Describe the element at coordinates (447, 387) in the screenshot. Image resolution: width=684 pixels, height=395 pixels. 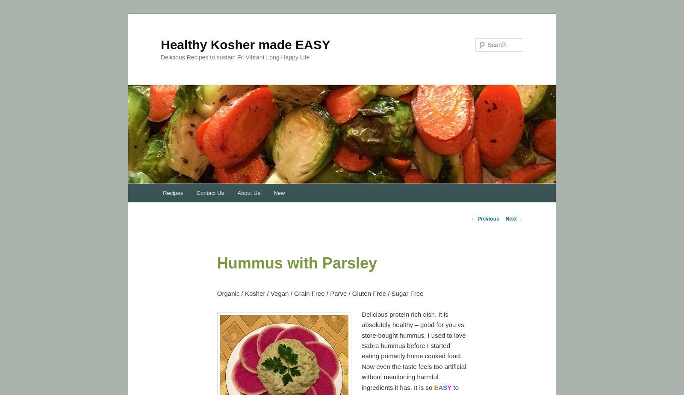
I see `'Y'` at that location.